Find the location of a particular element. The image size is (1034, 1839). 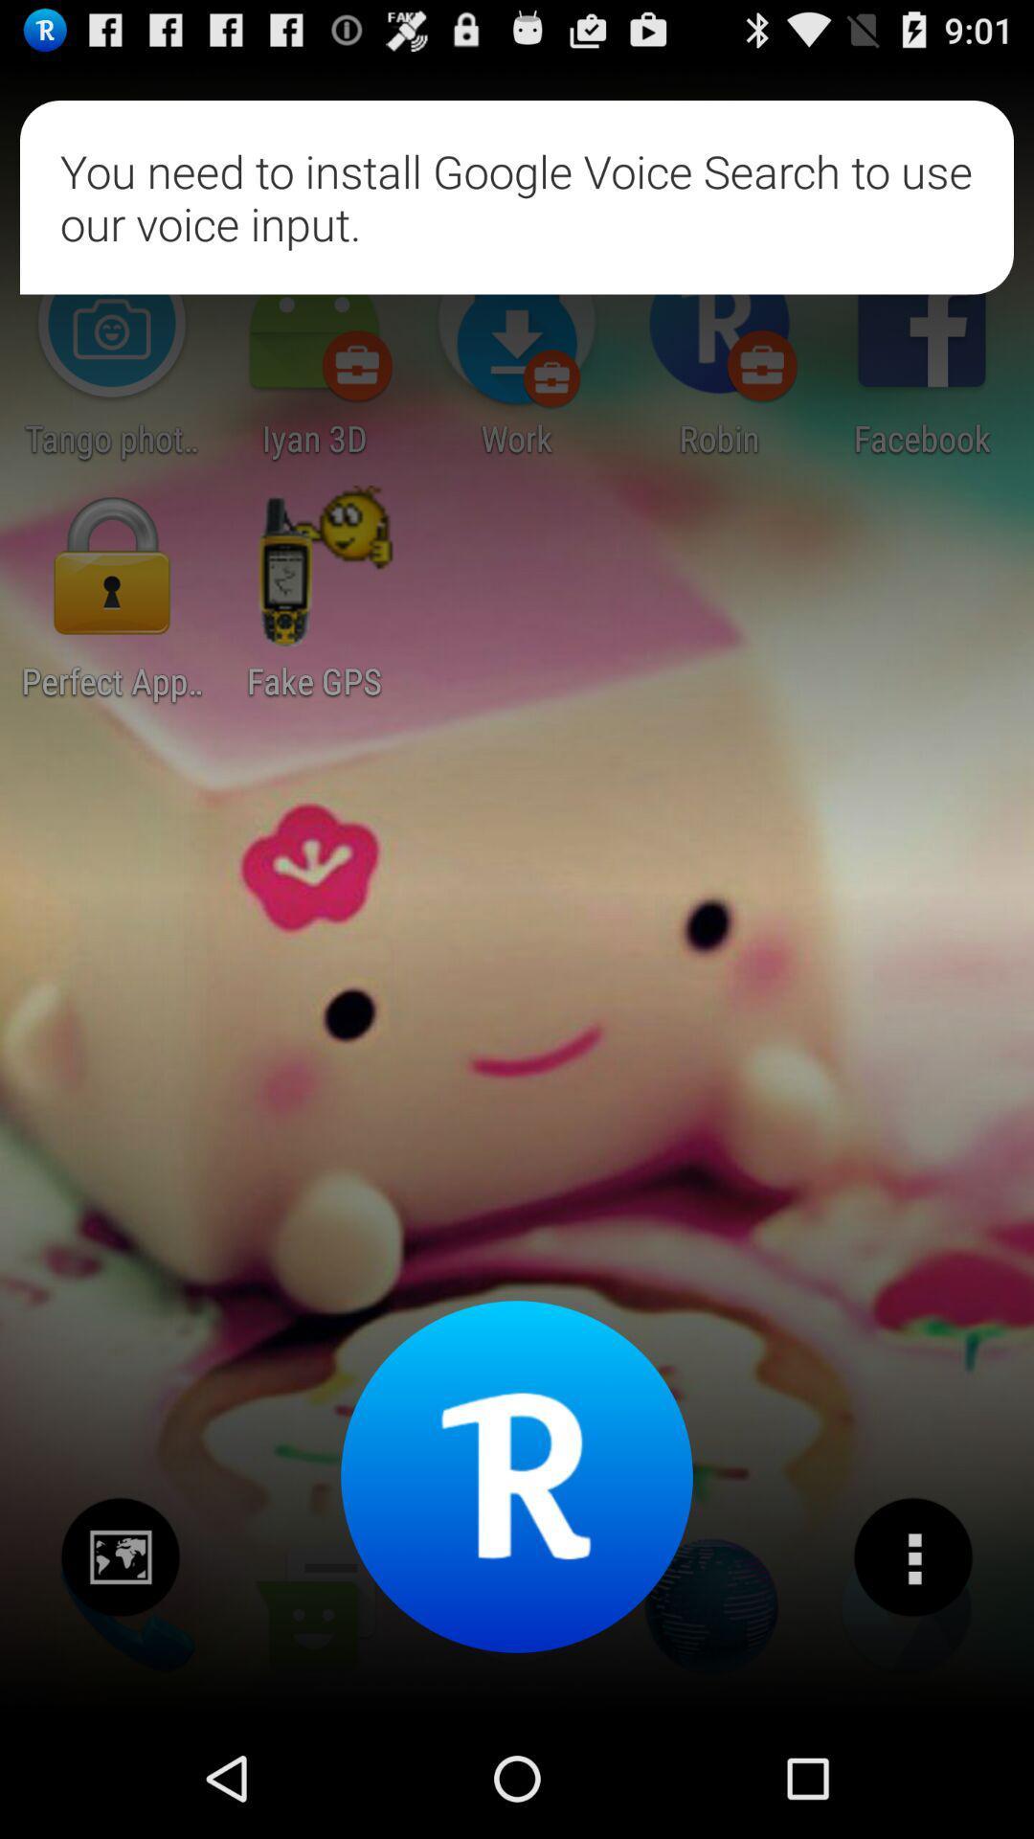

open menu is located at coordinates (911, 1557).